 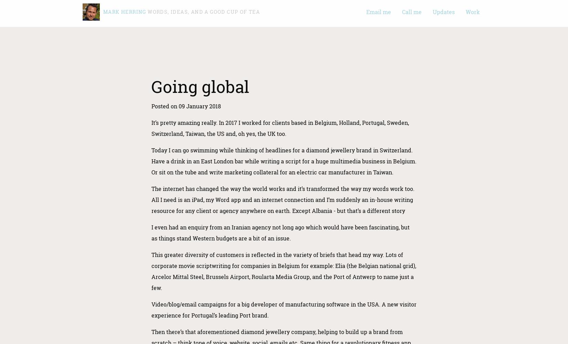 What do you see at coordinates (472, 12) in the screenshot?
I see `'Work'` at bounding box center [472, 12].